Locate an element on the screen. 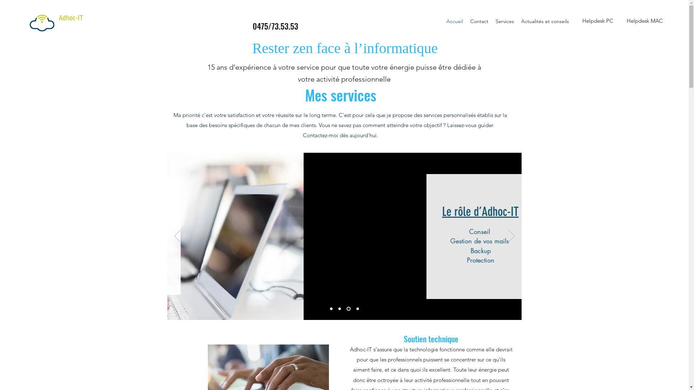 This screenshot has height=390, width=694. 'Services' is located at coordinates (504, 21).